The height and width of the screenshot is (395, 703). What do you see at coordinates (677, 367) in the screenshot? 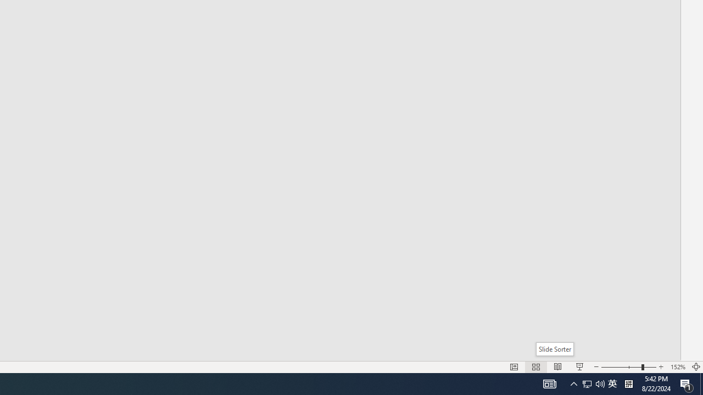
I see `'Zoom 152%'` at bounding box center [677, 367].